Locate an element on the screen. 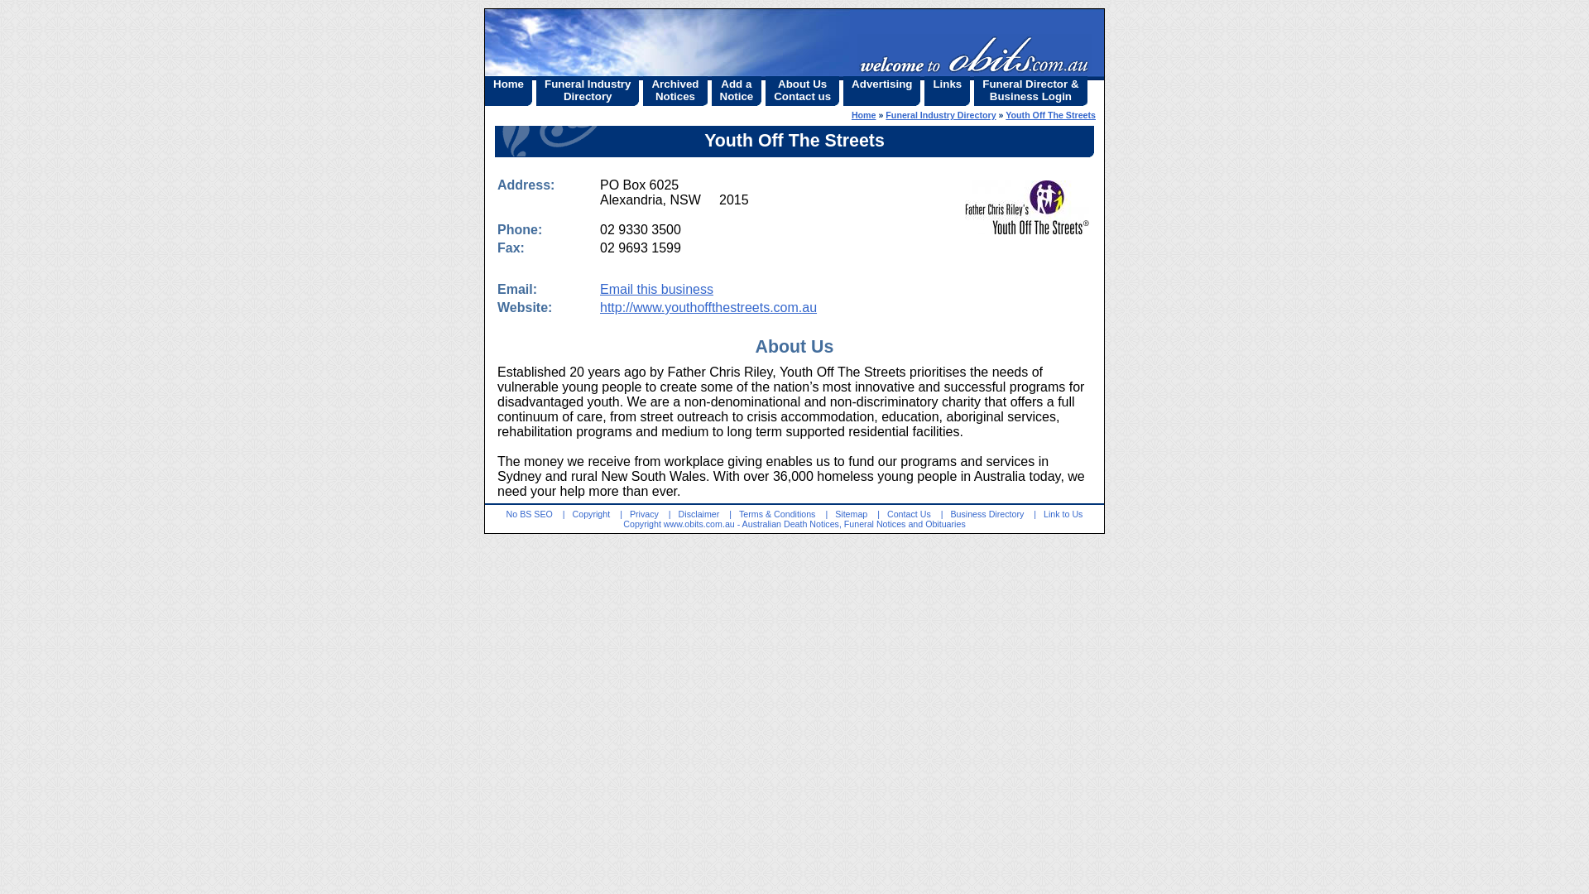 This screenshot has height=894, width=1589. 'http://www.youthoffthestreets.com.au' is located at coordinates (708, 307).